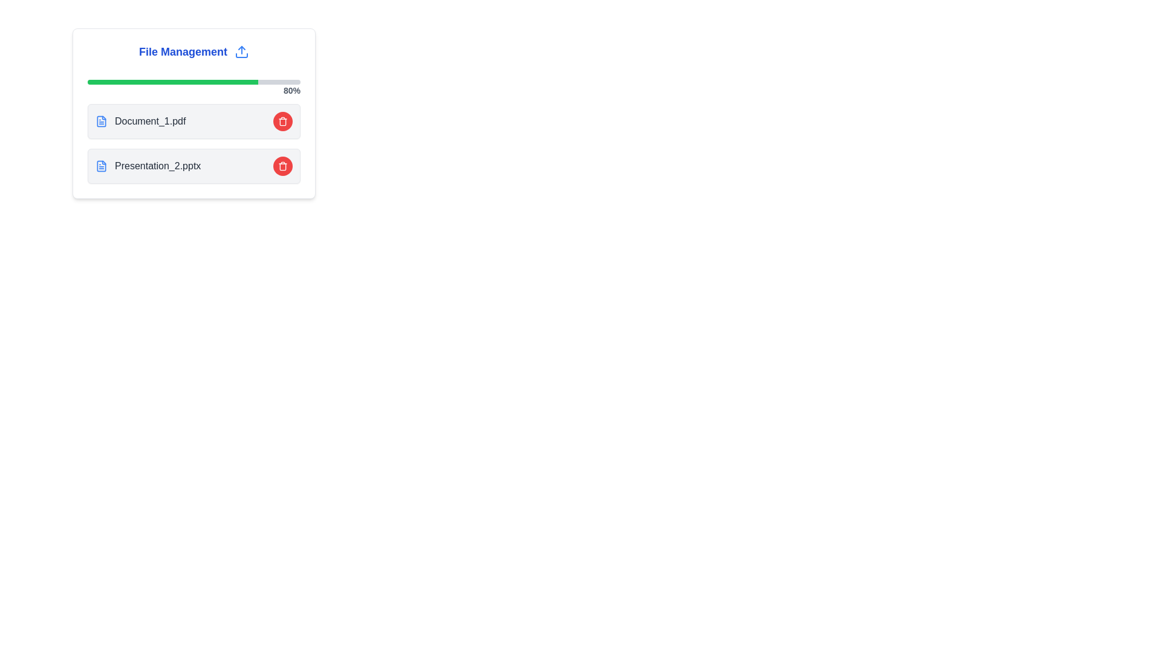  What do you see at coordinates (140, 121) in the screenshot?
I see `the first label` at bounding box center [140, 121].